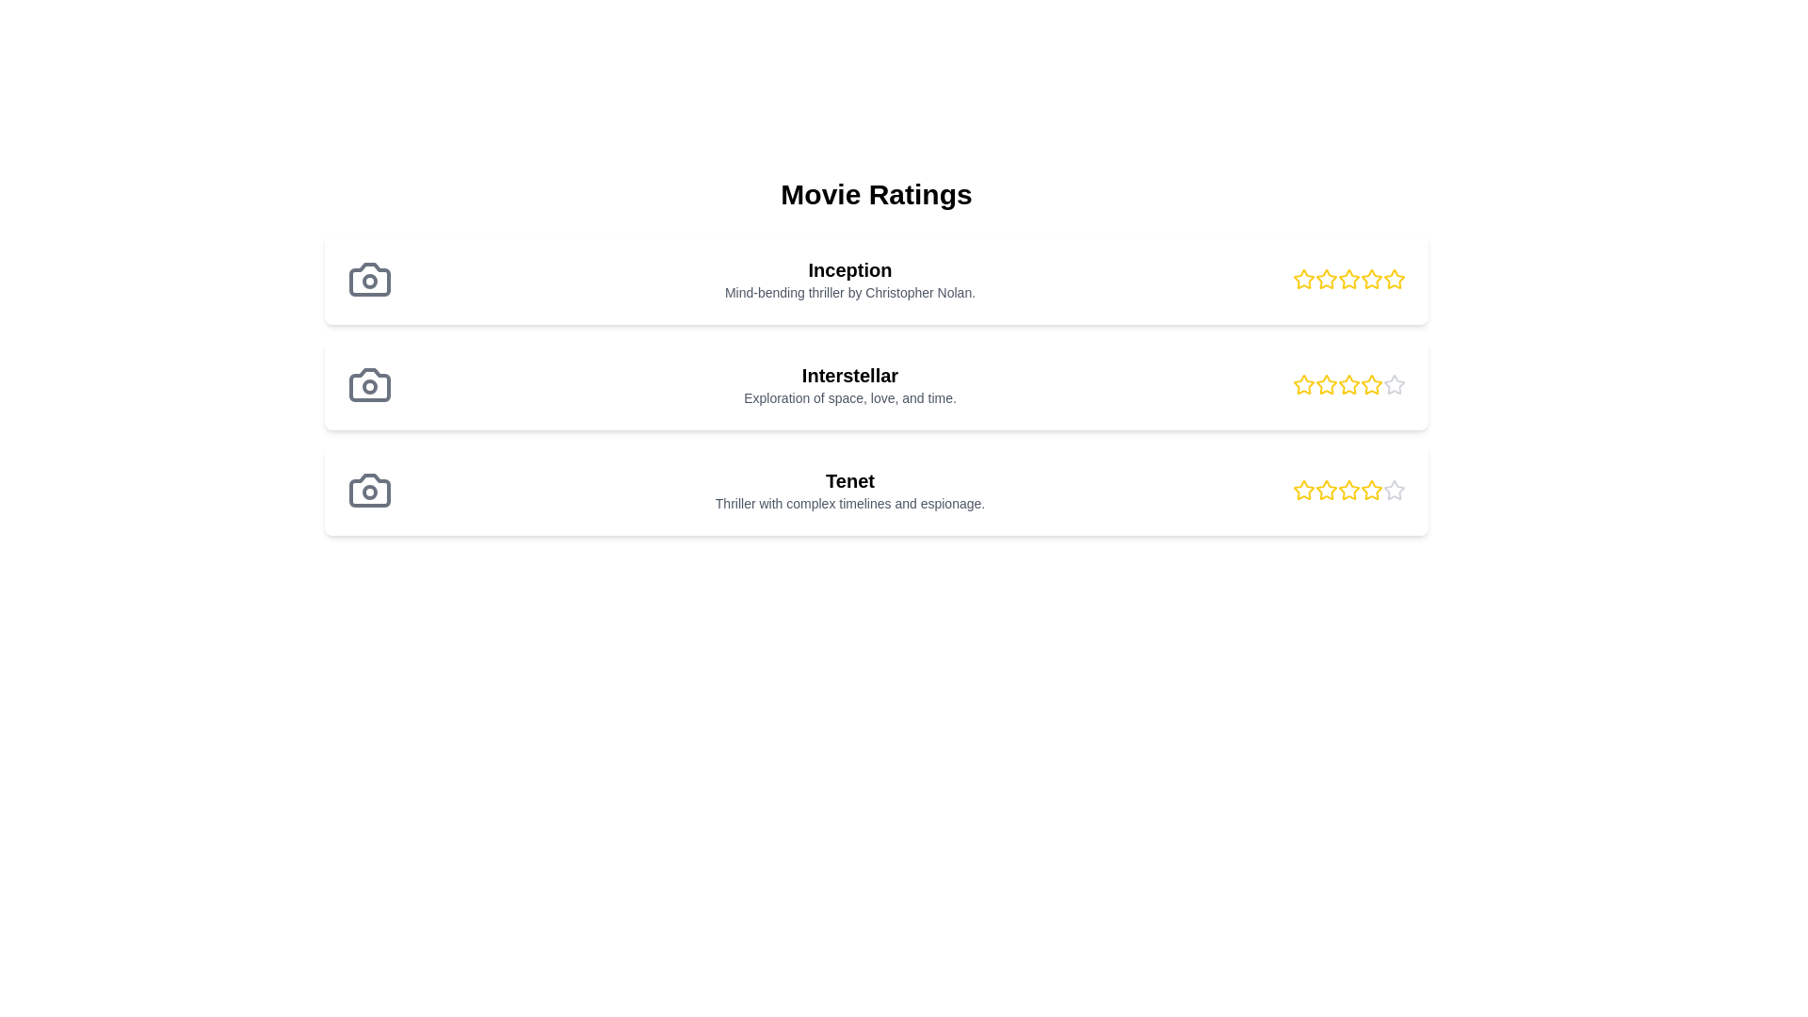 The image size is (1808, 1017). I want to click on the selected yellow rating star, so click(1348, 489).